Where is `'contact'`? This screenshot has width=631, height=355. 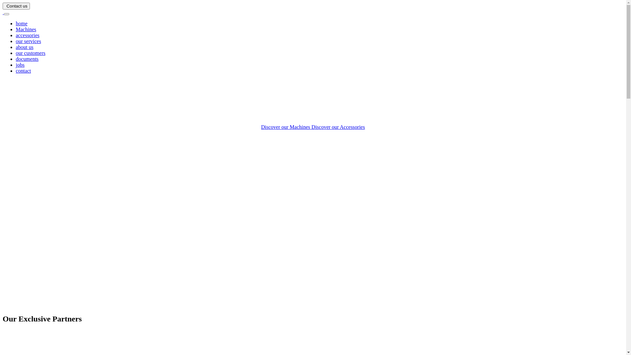
'contact' is located at coordinates (16, 71).